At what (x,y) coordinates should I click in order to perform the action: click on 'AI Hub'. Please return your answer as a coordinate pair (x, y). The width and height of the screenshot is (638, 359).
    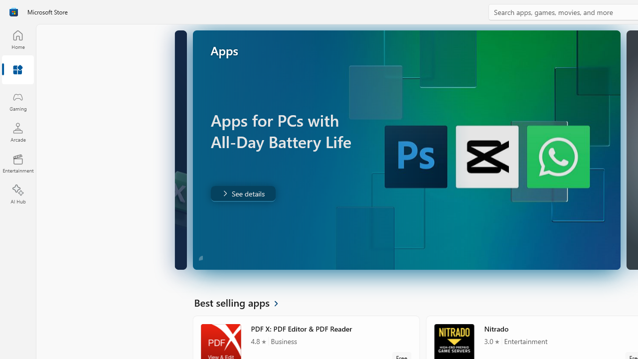
    Looking at the image, I should click on (17, 194).